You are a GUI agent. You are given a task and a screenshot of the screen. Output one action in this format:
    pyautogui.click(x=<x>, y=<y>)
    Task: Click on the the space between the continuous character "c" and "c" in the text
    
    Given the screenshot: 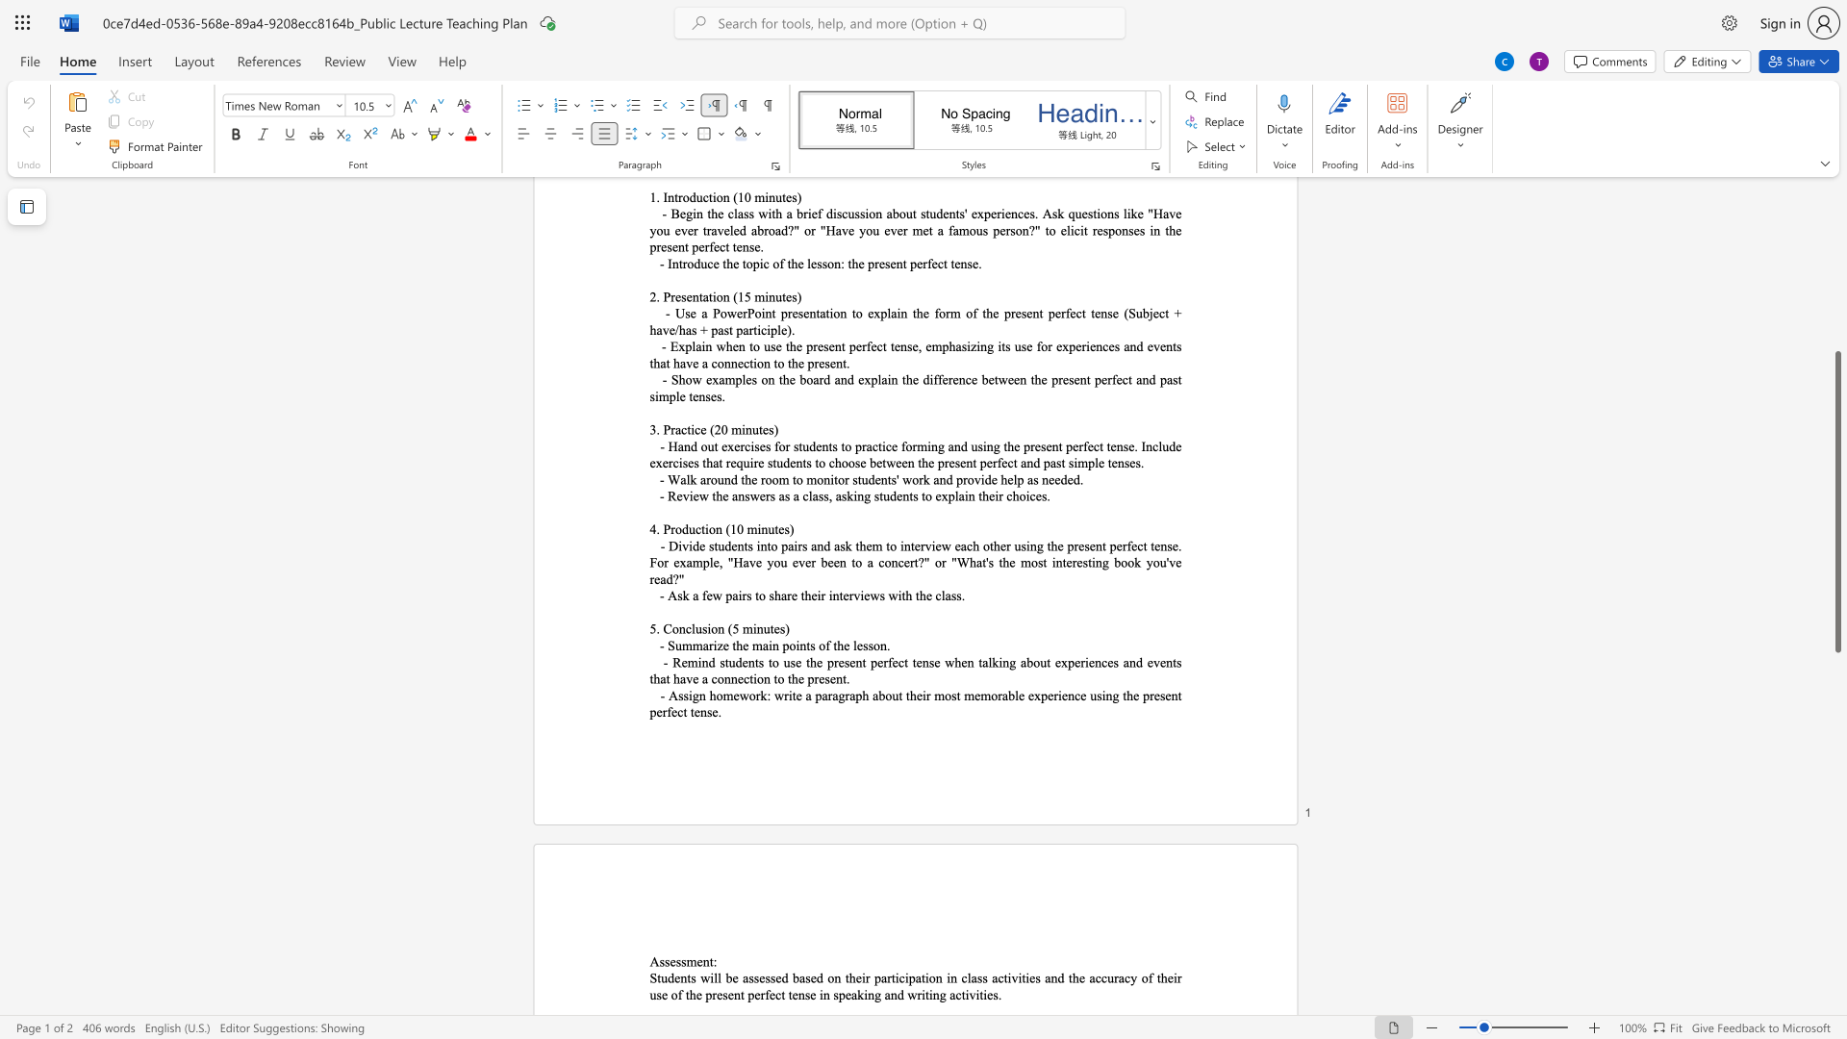 What is the action you would take?
    pyautogui.click(x=1101, y=977)
    